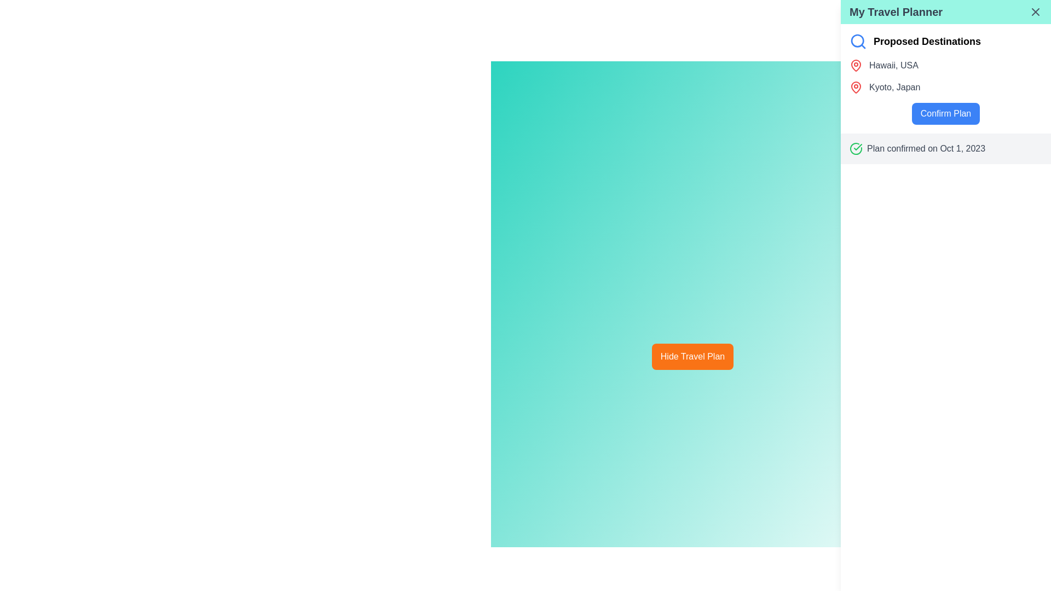 The height and width of the screenshot is (591, 1051). What do you see at coordinates (927, 41) in the screenshot?
I see `the text label displaying 'Proposed Destinations', which is styled with a bold, large font in black and located near the top-right of the interface` at bounding box center [927, 41].